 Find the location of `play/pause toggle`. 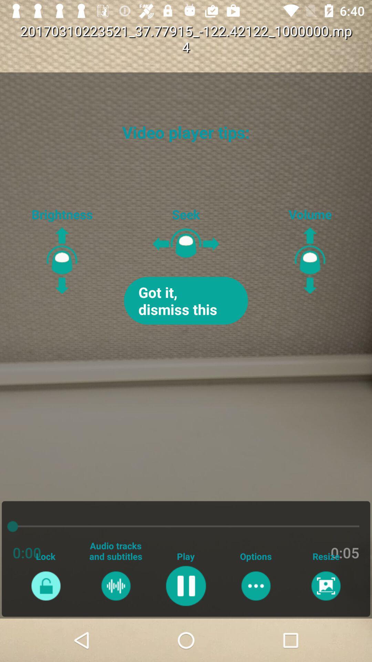

play/pause toggle is located at coordinates (185, 585).